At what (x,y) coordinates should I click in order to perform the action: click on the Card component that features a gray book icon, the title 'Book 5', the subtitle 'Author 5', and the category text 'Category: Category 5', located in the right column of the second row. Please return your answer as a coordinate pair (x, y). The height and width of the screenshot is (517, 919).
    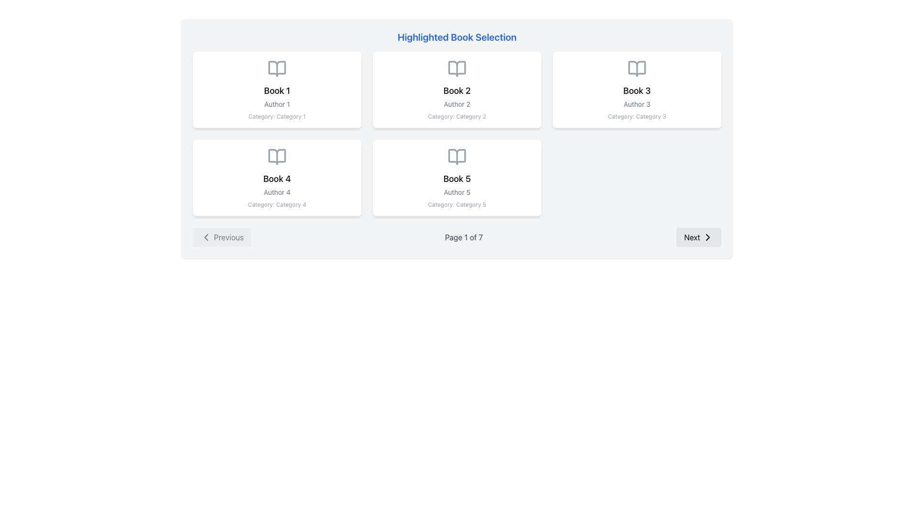
    Looking at the image, I should click on (457, 178).